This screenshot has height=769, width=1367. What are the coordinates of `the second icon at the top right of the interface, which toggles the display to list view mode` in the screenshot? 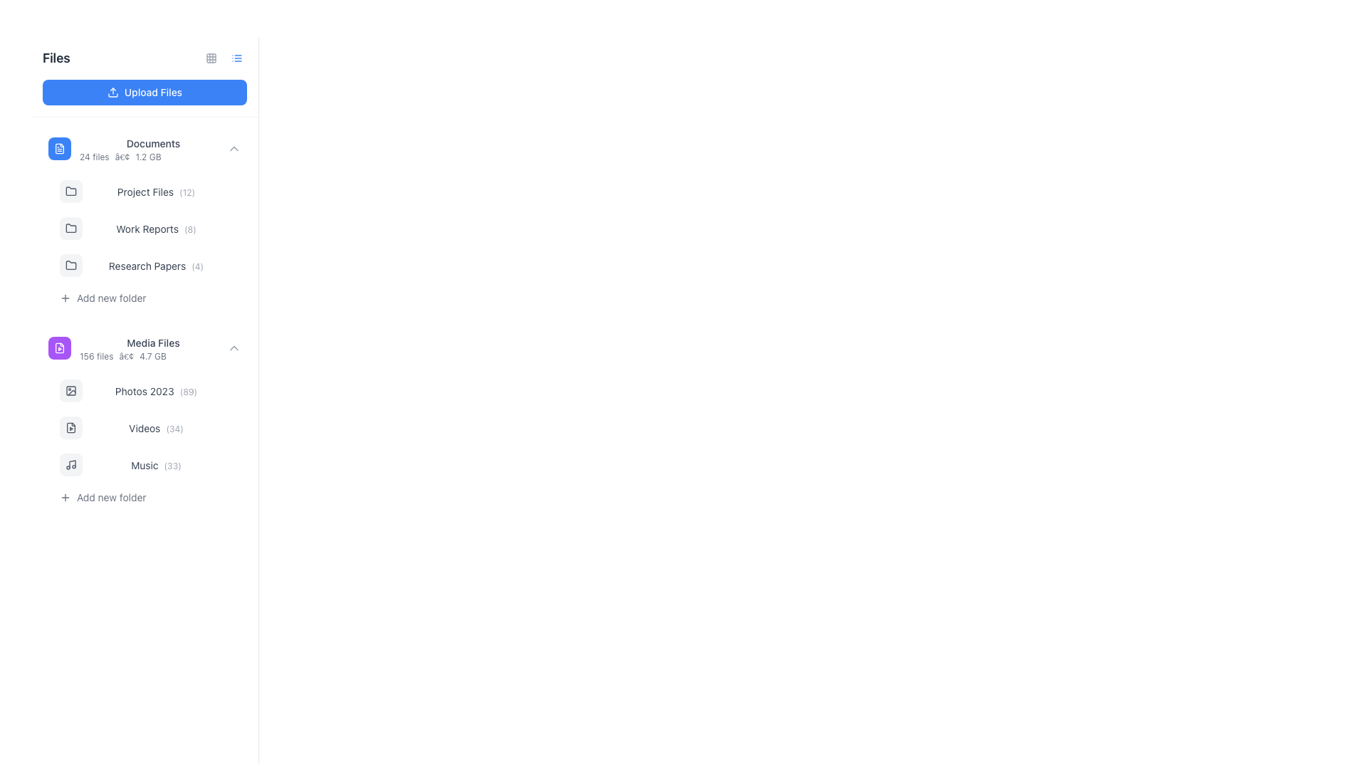 It's located at (236, 57).